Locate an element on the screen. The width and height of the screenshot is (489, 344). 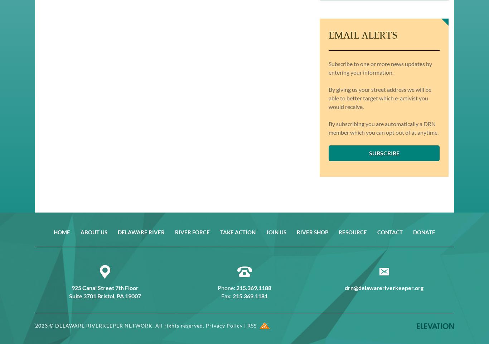
'Delaware Riverkeeper Network.' is located at coordinates (105, 325).